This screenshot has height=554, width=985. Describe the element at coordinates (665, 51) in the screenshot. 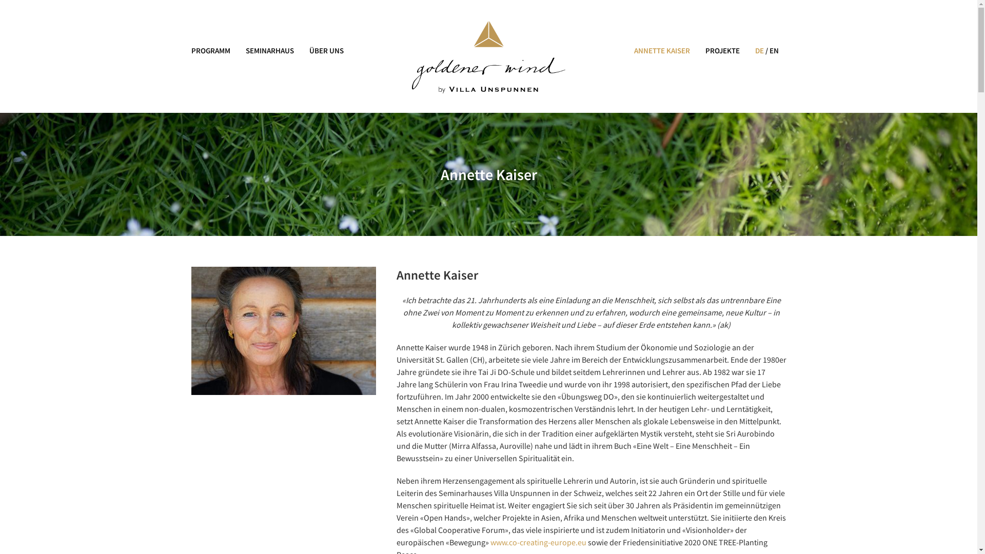

I see `'ANNETTE KAISER'` at that location.